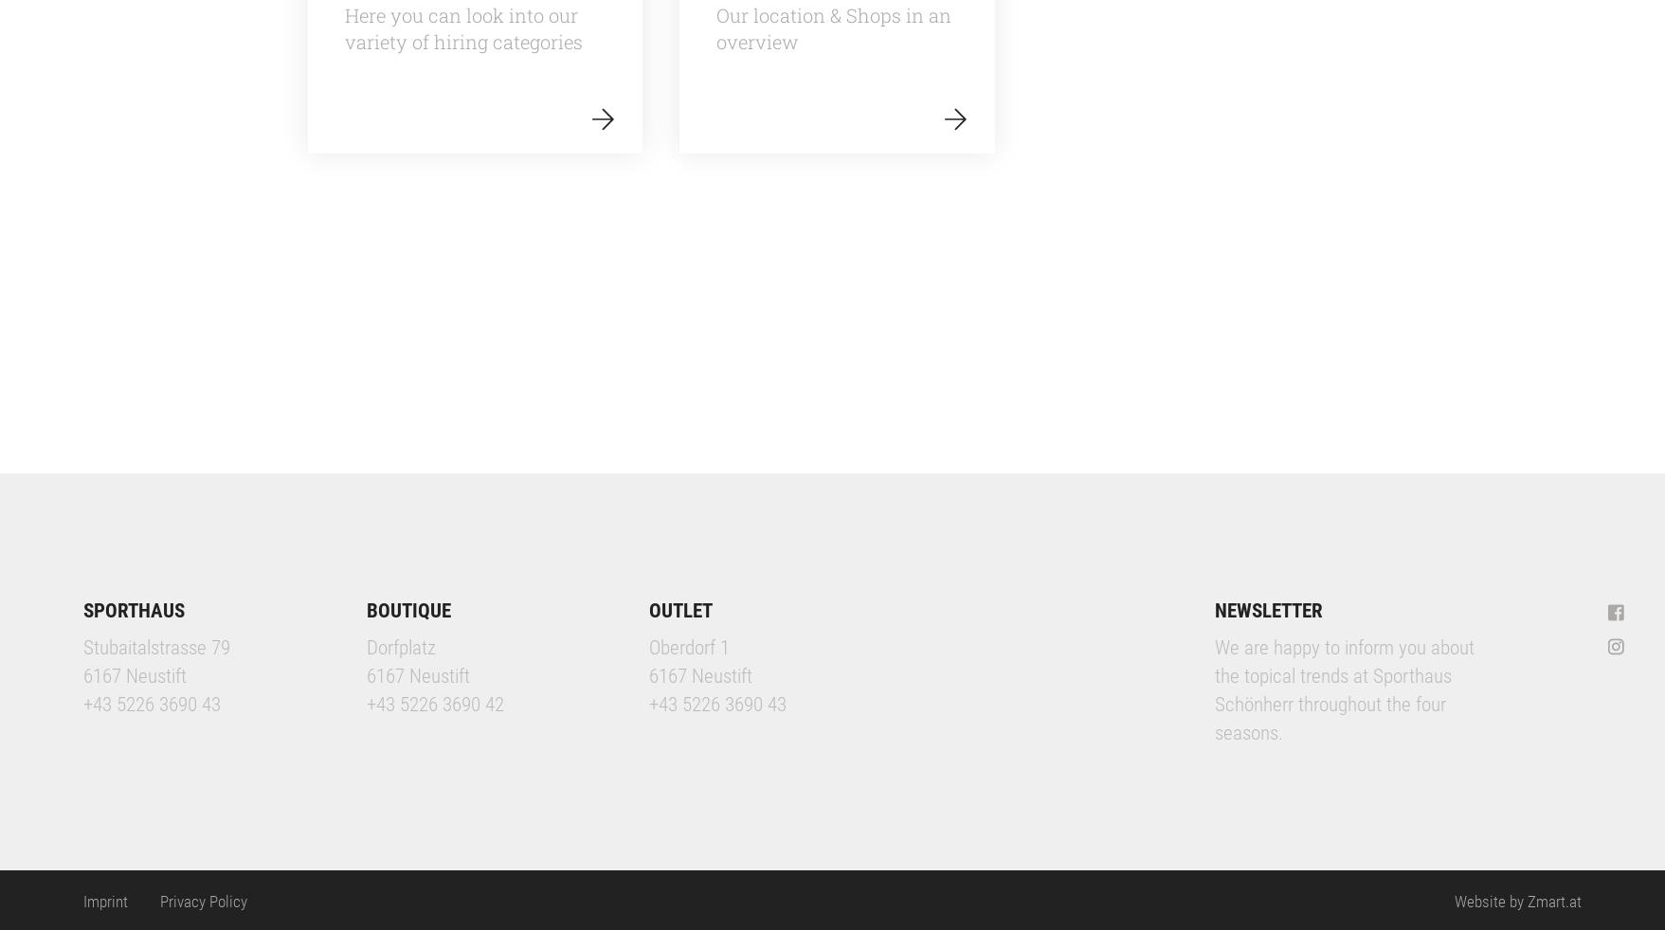 This screenshot has width=1665, height=930. I want to click on 'Privacy Policy', so click(159, 900).